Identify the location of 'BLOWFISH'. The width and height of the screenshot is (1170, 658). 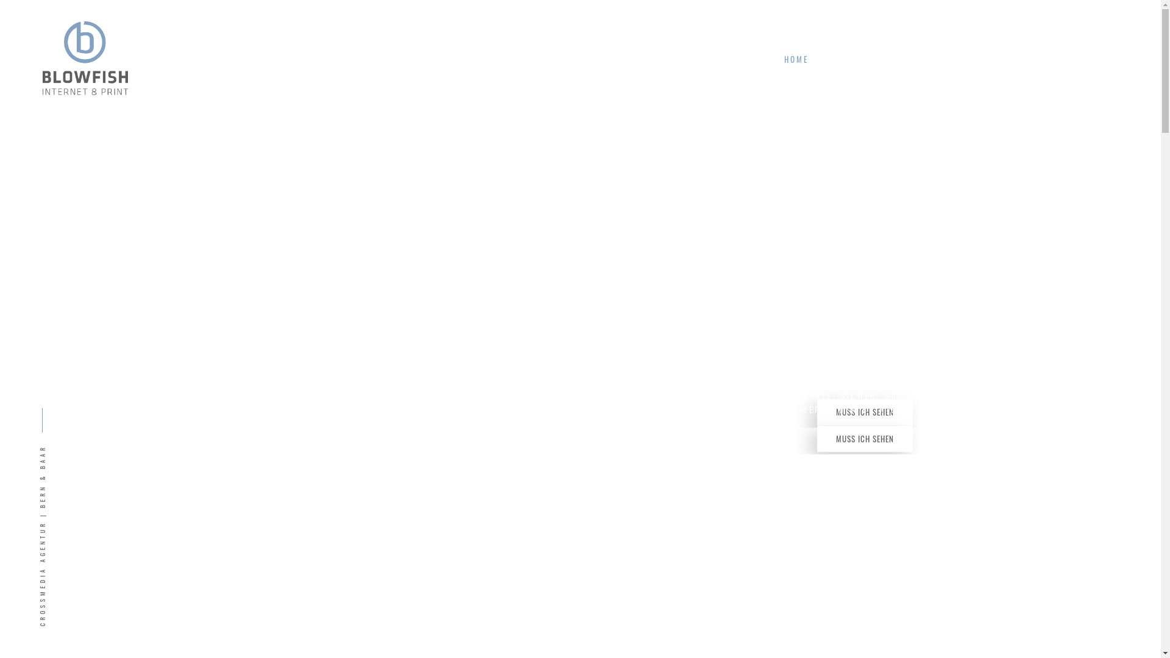
(967, 59).